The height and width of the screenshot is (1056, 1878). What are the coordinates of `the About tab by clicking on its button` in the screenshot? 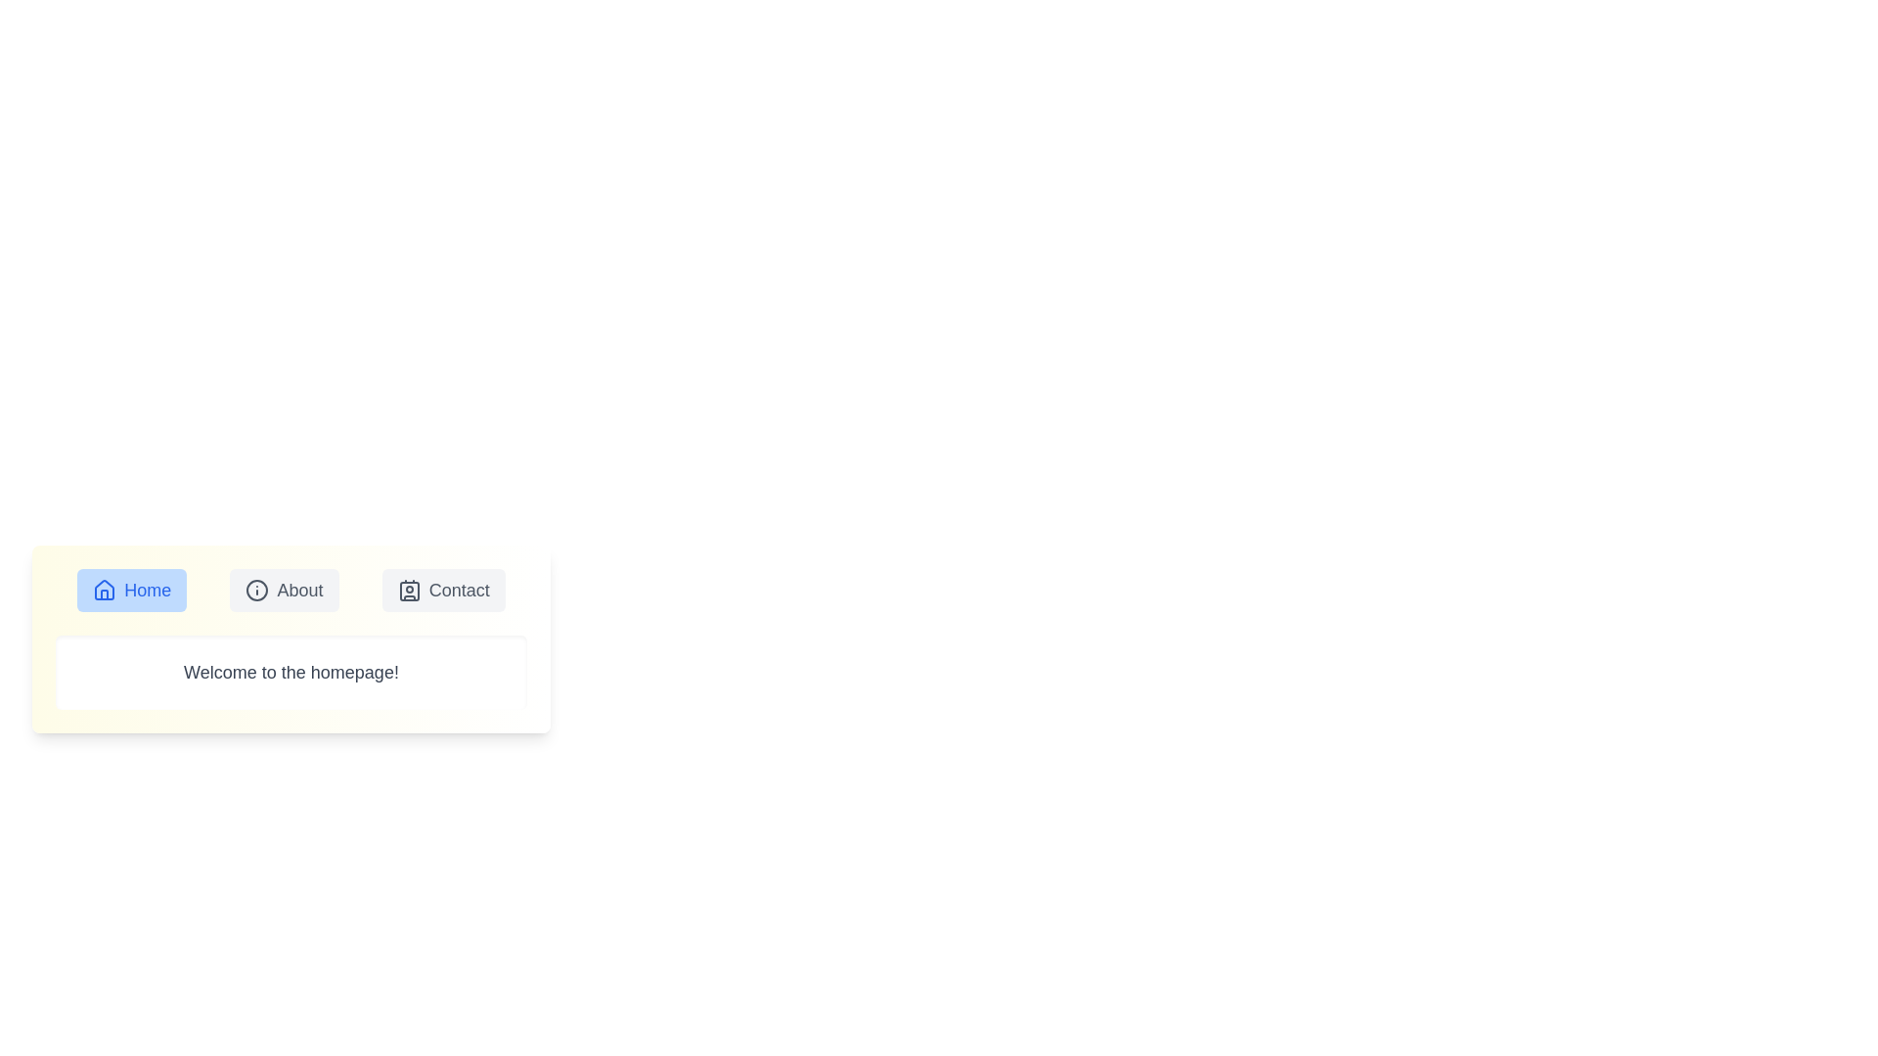 It's located at (284, 590).